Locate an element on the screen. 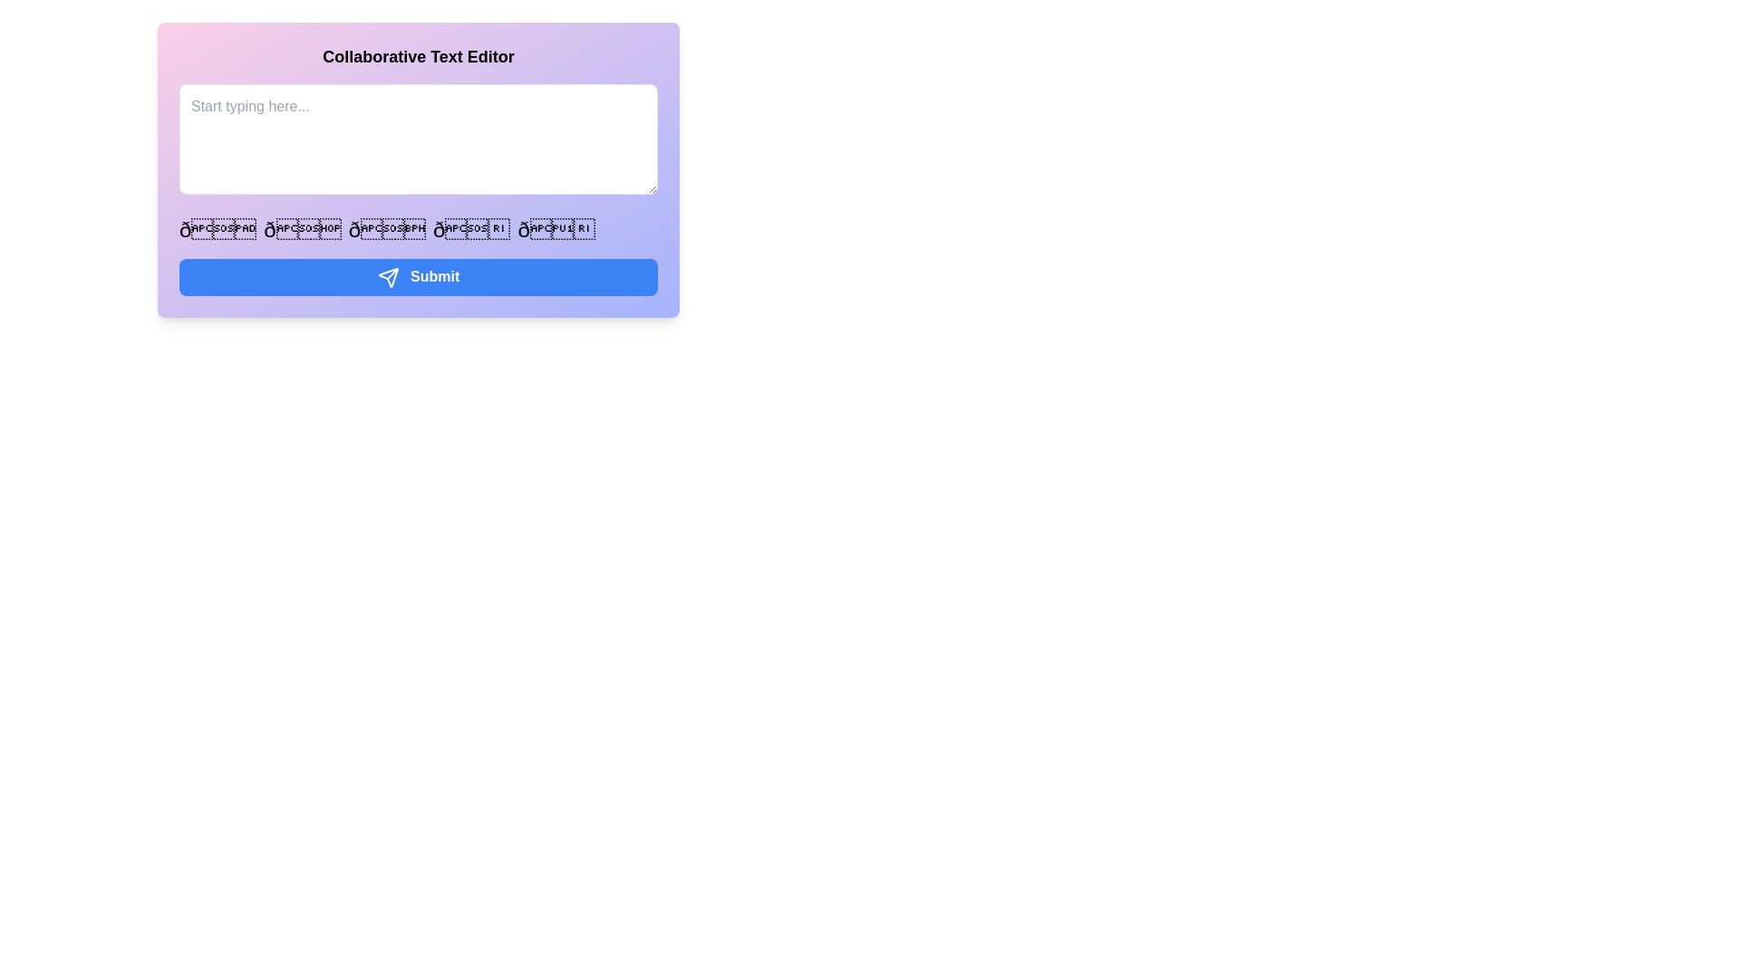 This screenshot has height=978, width=1740. the 'like' button, which is the last button in a horizontal sequence located below the text input field in the 'Collaborative Text Editor' is located at coordinates (556, 229).